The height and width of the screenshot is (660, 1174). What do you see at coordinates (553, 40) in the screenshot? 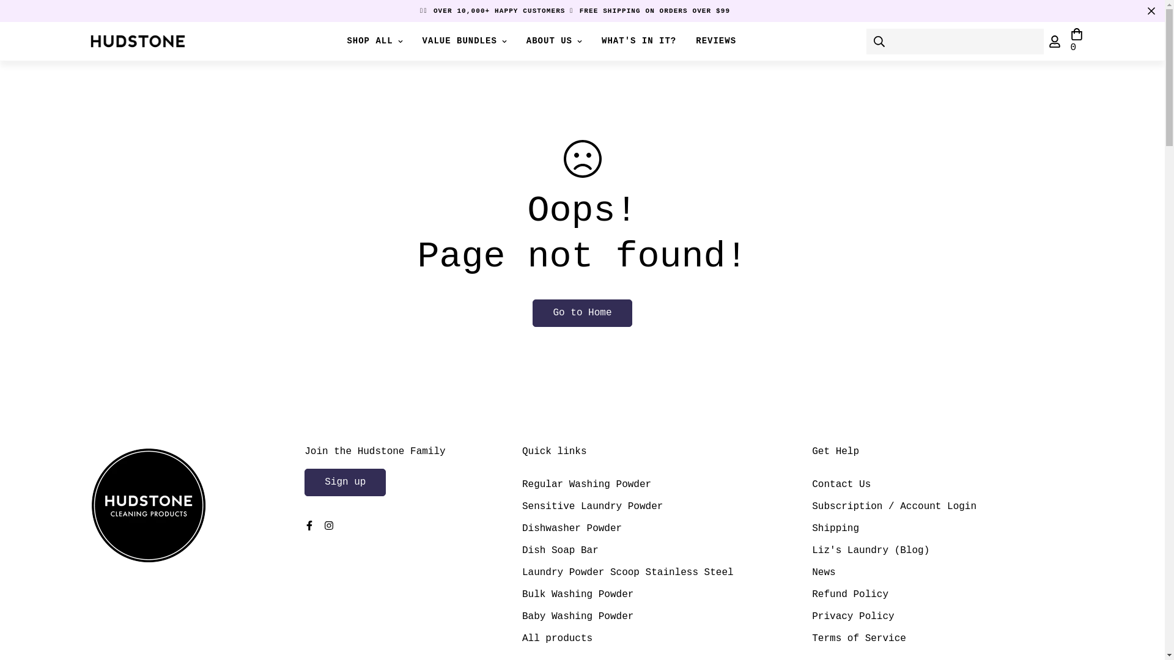
I see `'ABOUT US'` at bounding box center [553, 40].